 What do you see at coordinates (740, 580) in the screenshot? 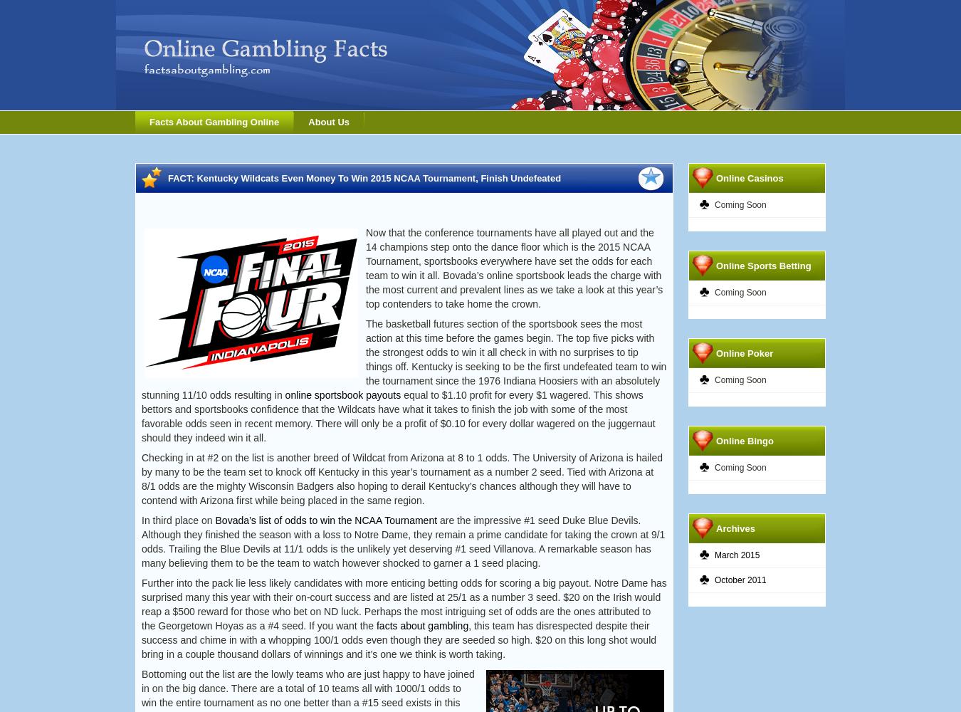
I see `'October 2011'` at bounding box center [740, 580].